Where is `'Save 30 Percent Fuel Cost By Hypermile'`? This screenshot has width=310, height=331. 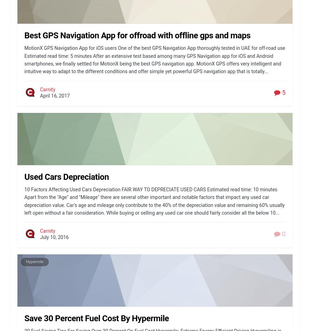 'Save 30 Percent Fuel Cost By Hypermile' is located at coordinates (24, 318).